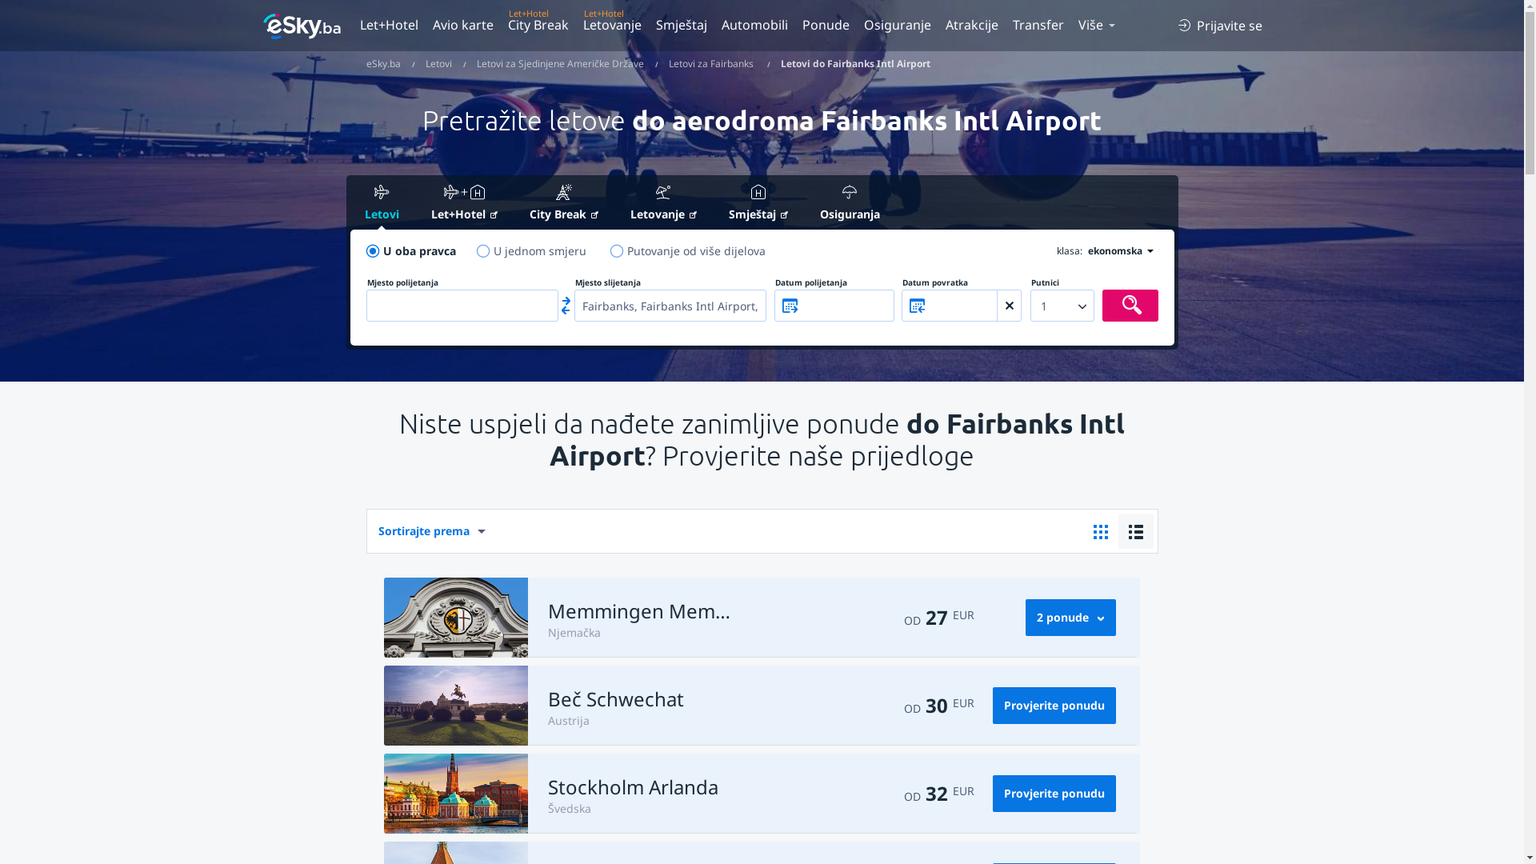 The height and width of the screenshot is (864, 1536). Describe the element at coordinates (970, 24) in the screenshot. I see `'Atrakcije'` at that location.